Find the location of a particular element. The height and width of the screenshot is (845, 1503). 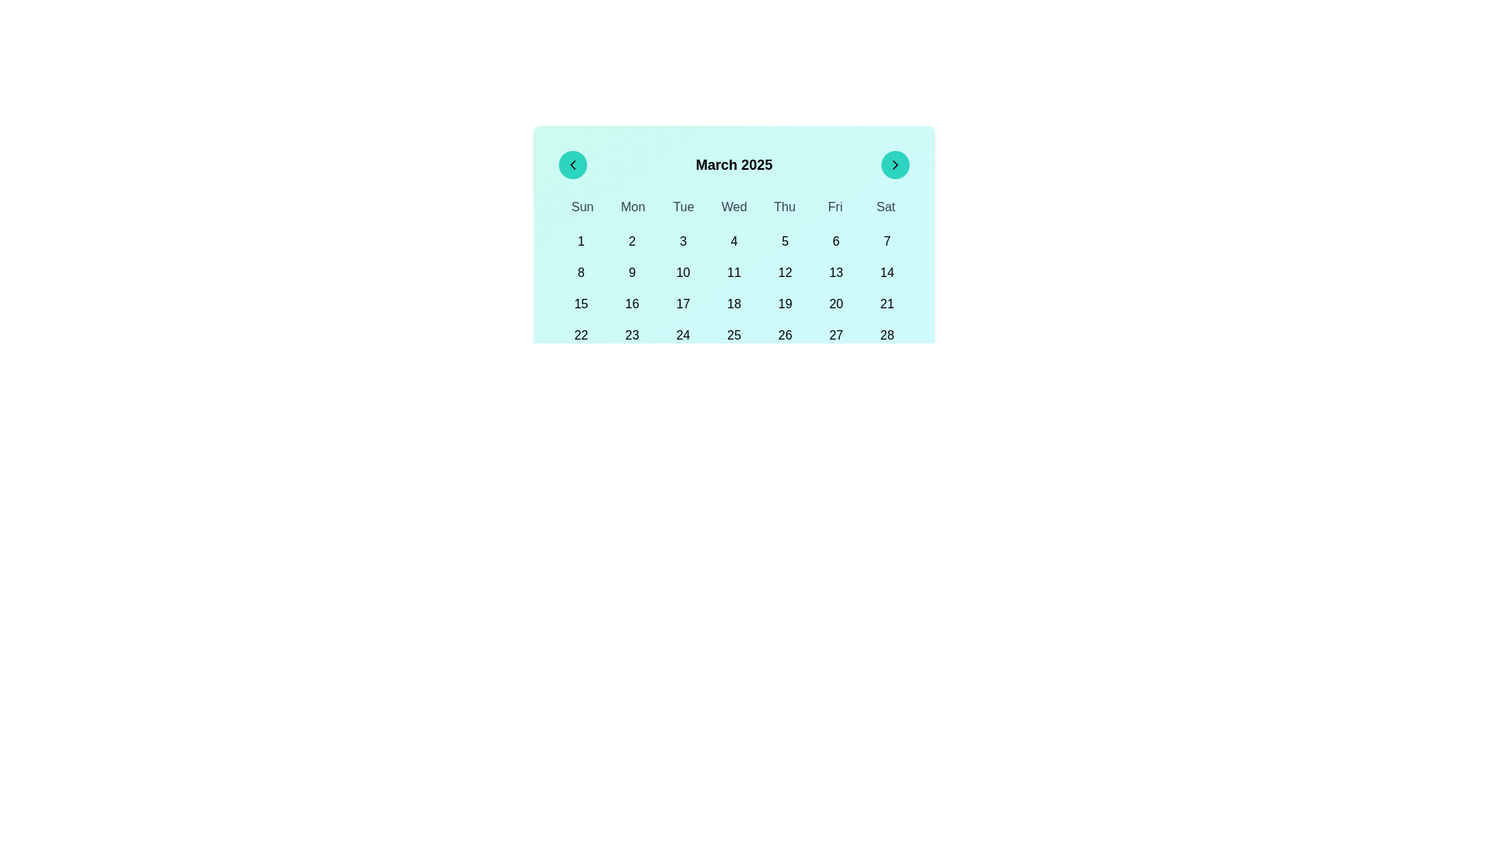

the navigational icon button located in the top-right corner of the calendar widget for keyboard interaction is located at coordinates (895, 165).